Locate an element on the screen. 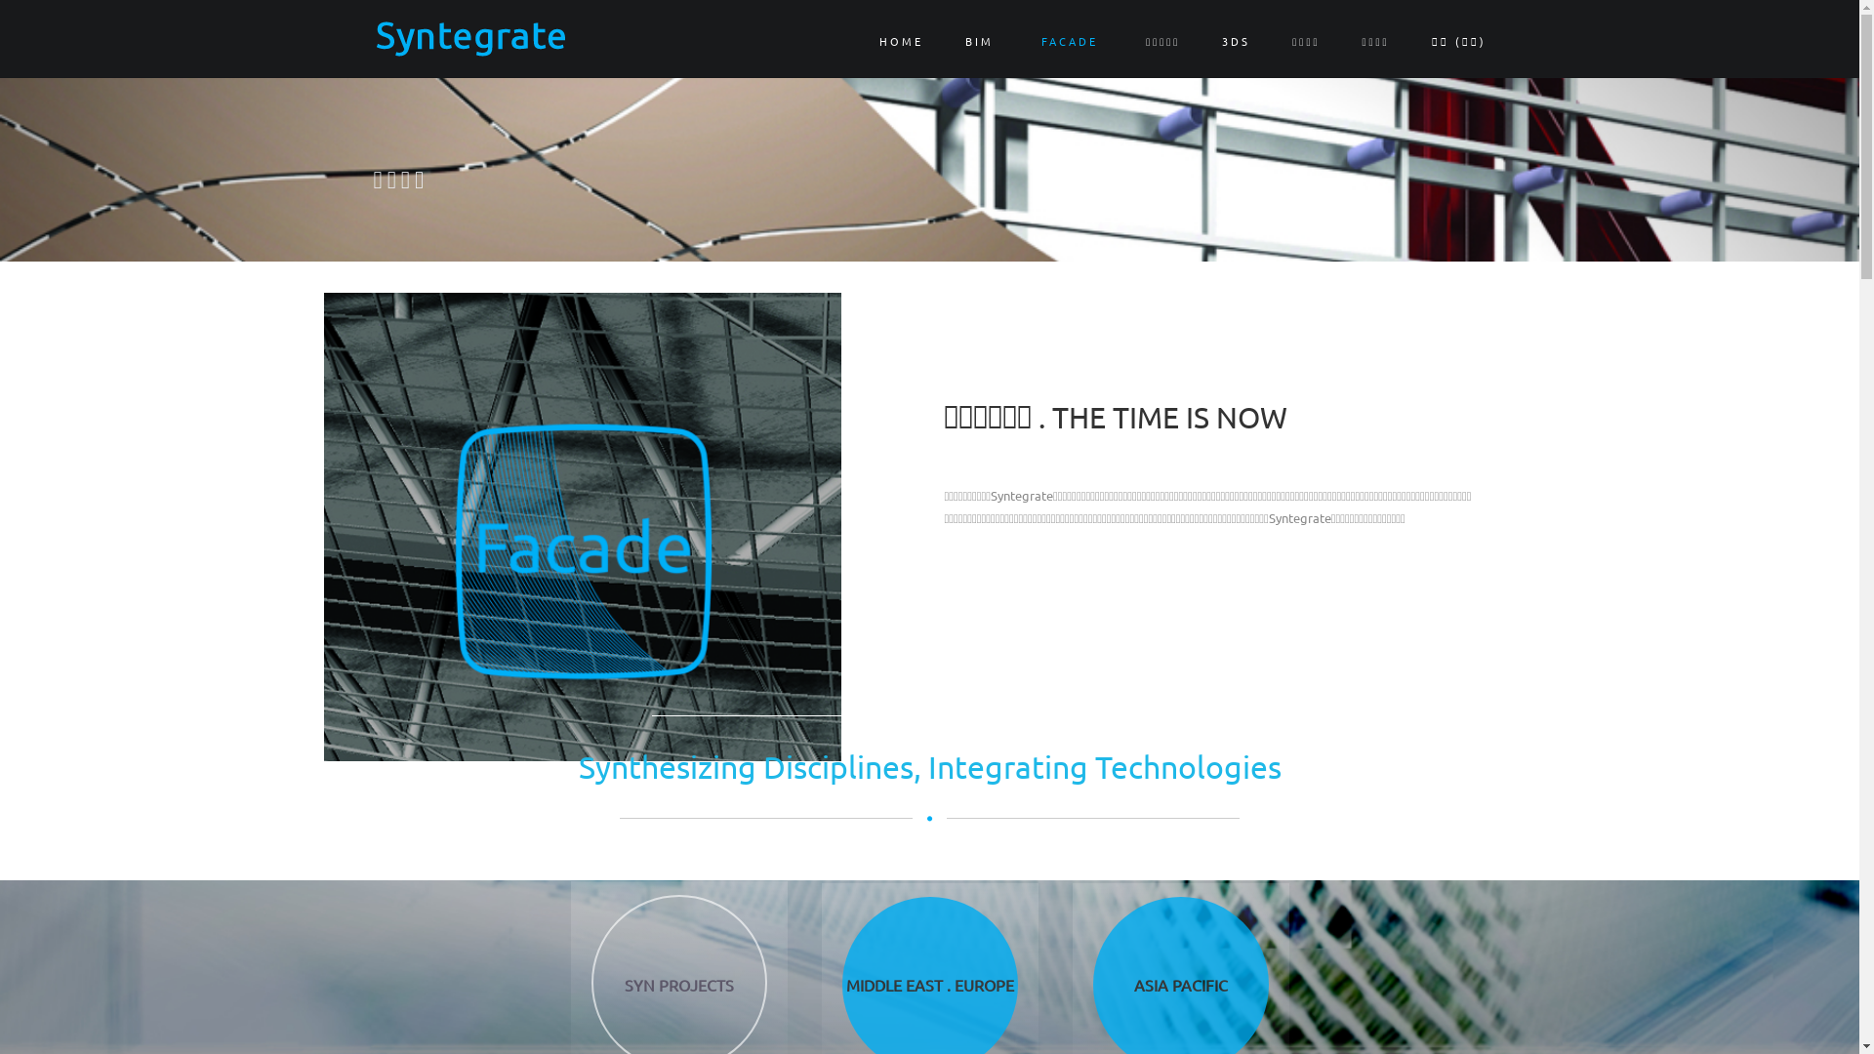 The width and height of the screenshot is (1874, 1054). 'BIM' is located at coordinates (984, 44).